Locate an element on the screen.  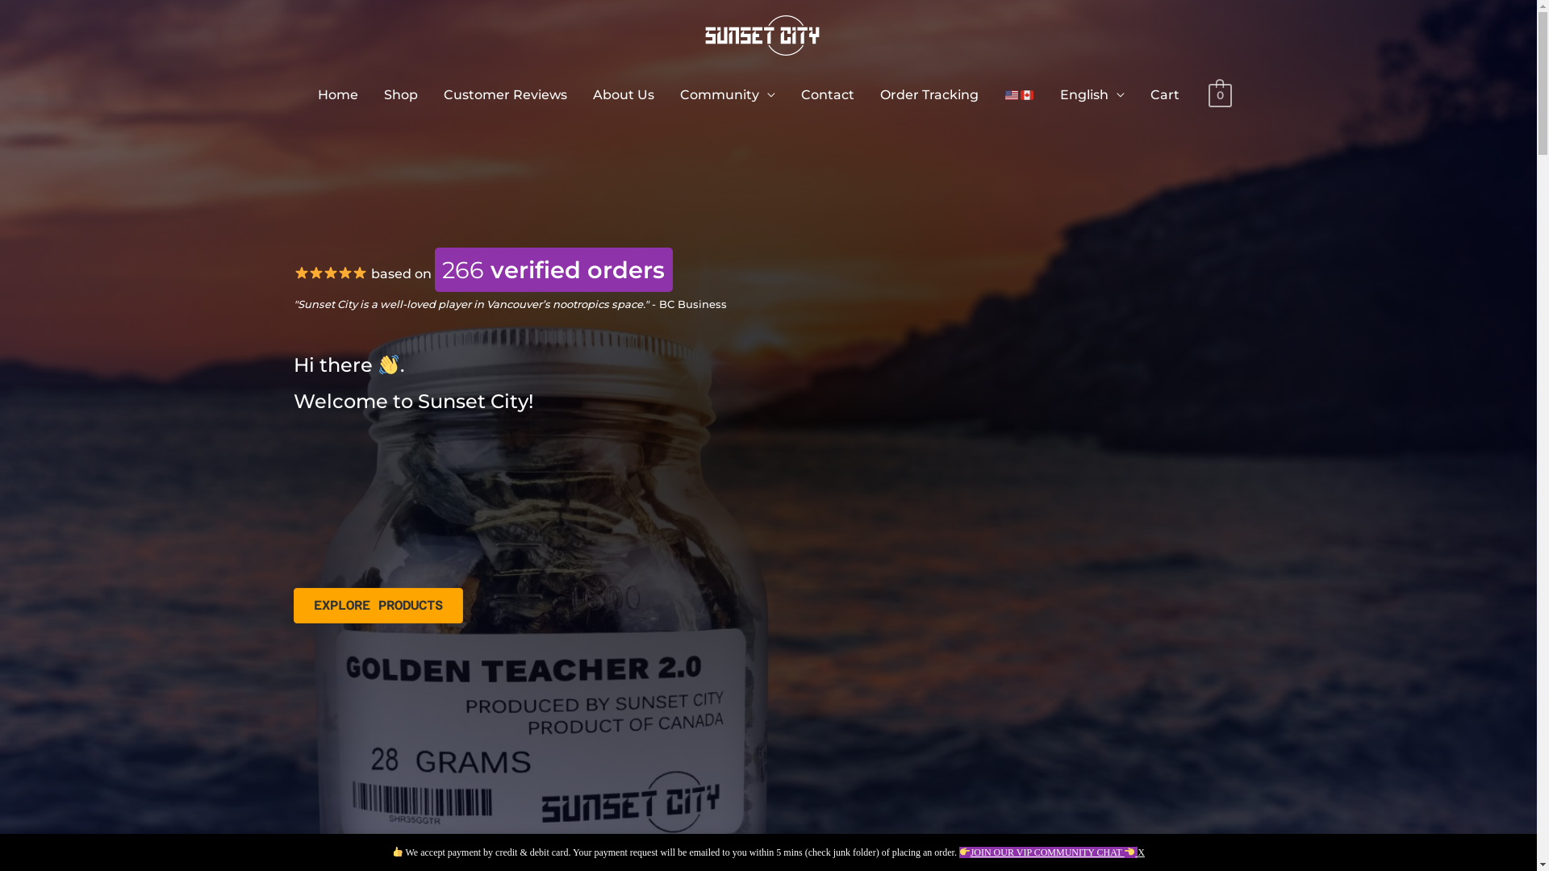
'JOIN OUR VIP COMMUNITY CHAT' is located at coordinates (1048, 851).